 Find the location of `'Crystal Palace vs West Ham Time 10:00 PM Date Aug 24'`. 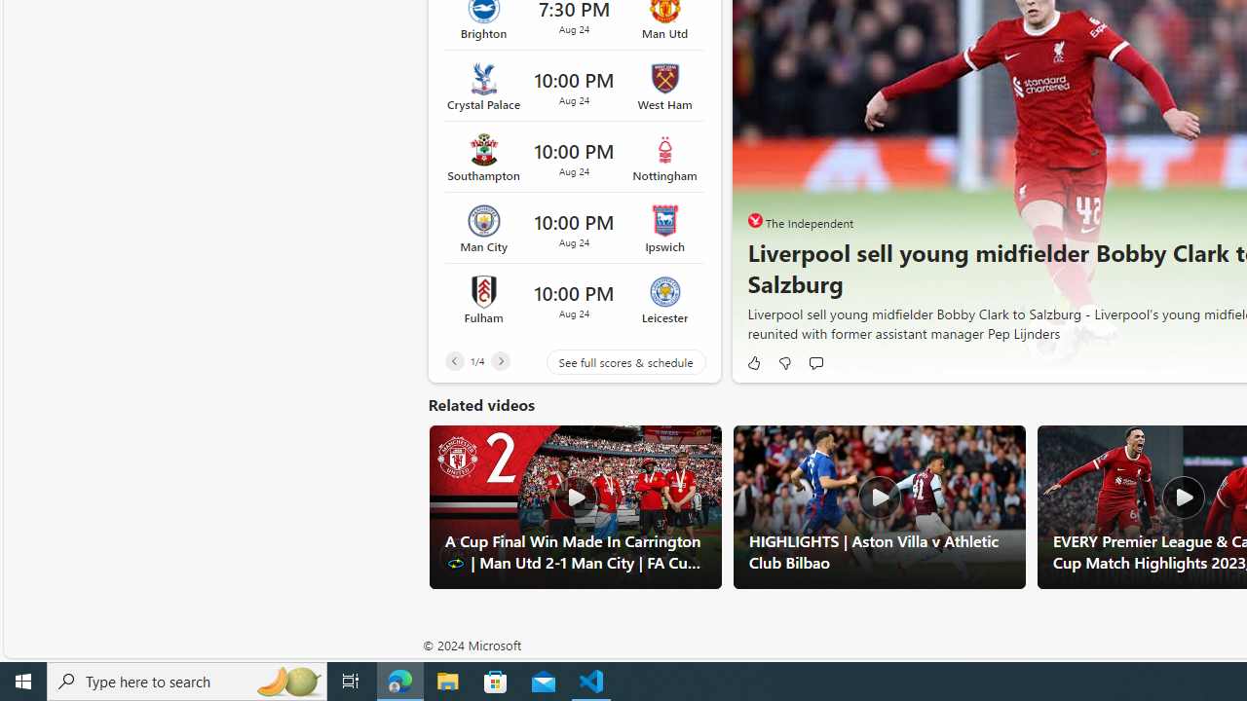

'Crystal Palace vs West Ham Time 10:00 PM Date Aug 24' is located at coordinates (573, 85).